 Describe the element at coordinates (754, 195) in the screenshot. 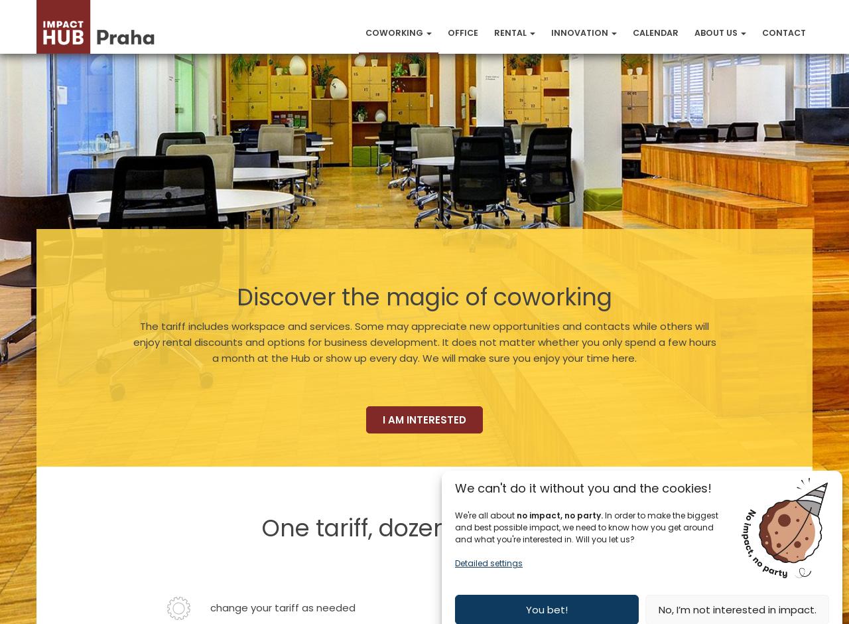

I see `'Impact Hub in the World'` at that location.